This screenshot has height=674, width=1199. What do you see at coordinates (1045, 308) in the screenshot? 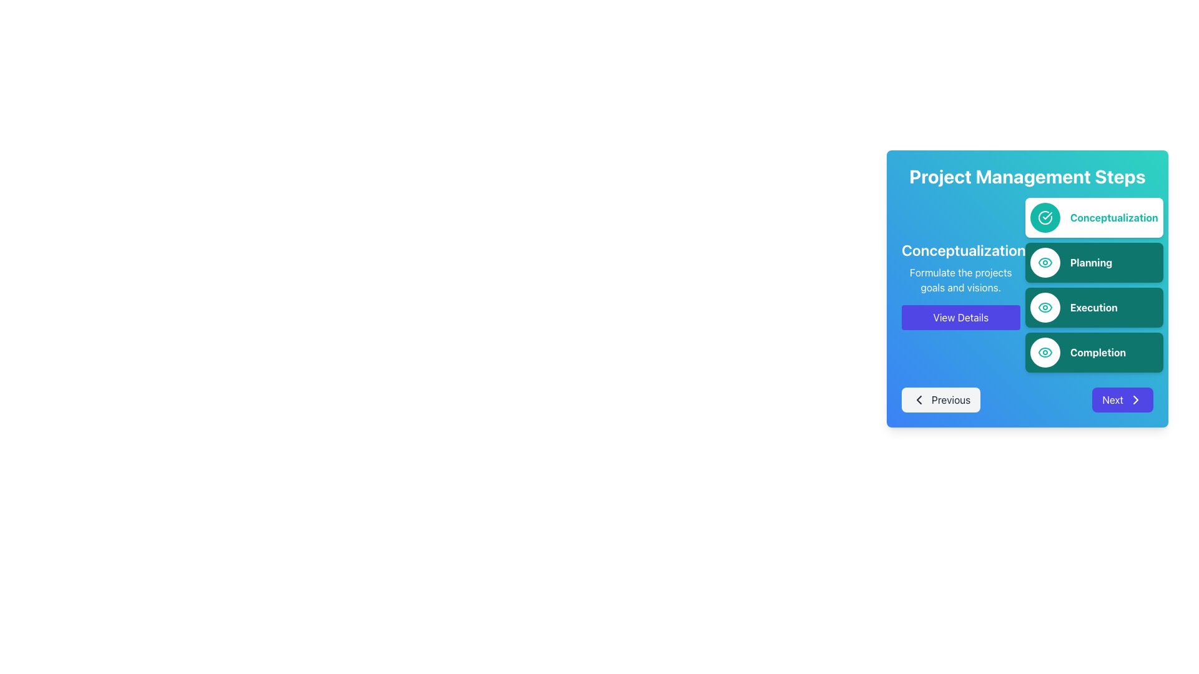
I see `the SVG Icon that signifies the 'Execution' stage in the project management steps, located inside the third button on the right side of the blue card interface` at bounding box center [1045, 308].